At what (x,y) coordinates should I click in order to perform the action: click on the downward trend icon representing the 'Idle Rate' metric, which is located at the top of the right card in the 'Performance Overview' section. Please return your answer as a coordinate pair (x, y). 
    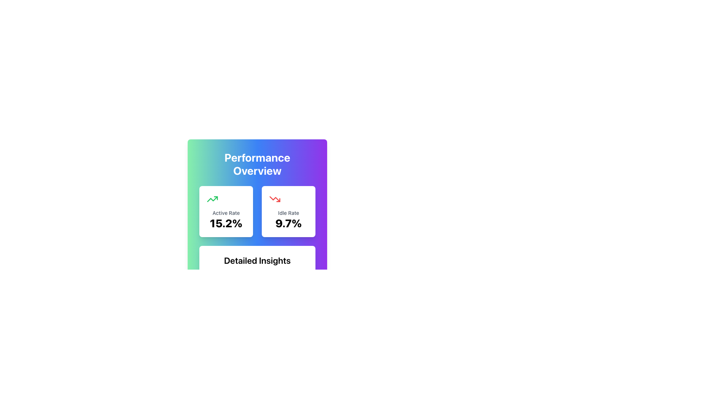
    Looking at the image, I should click on (275, 199).